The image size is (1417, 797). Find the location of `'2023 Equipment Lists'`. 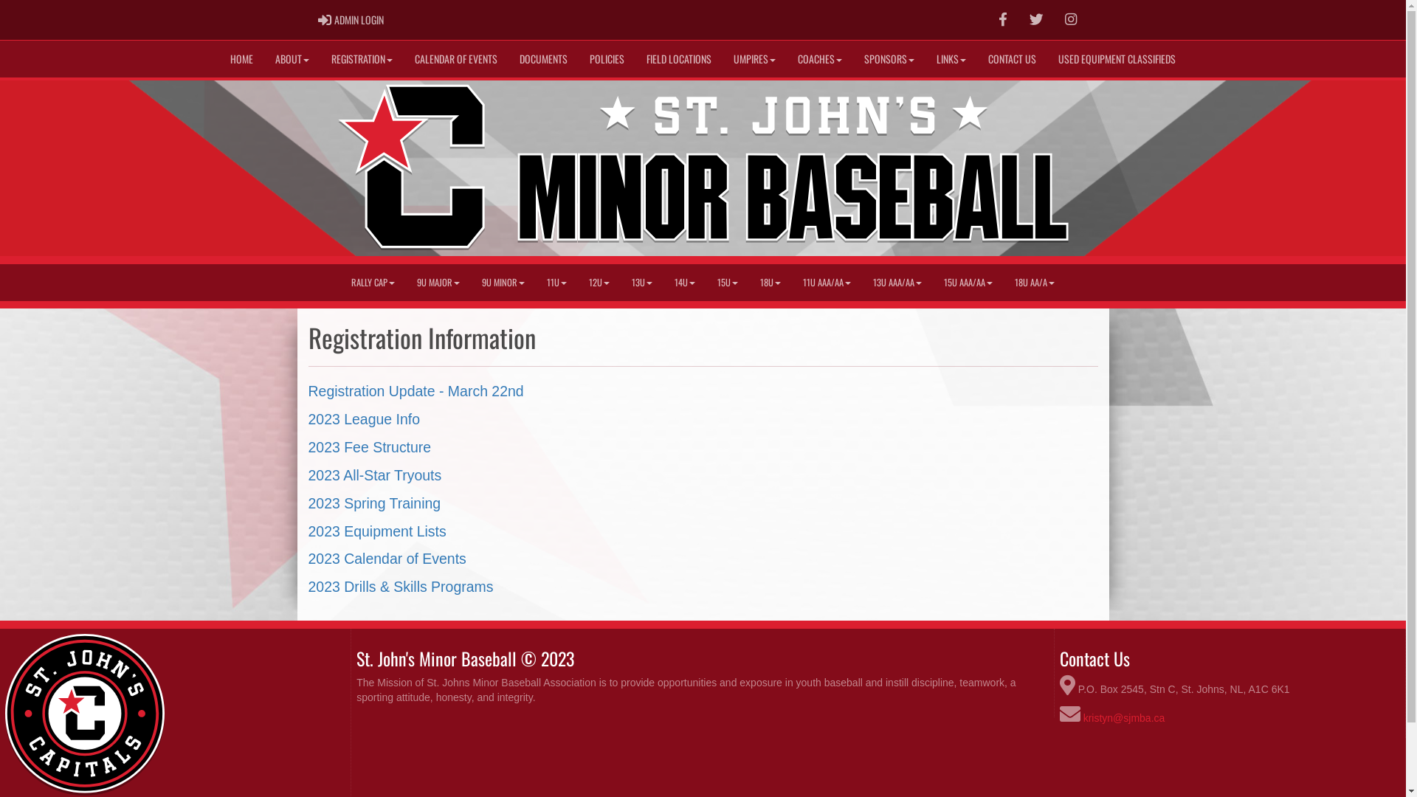

'2023 Equipment Lists' is located at coordinates (377, 531).